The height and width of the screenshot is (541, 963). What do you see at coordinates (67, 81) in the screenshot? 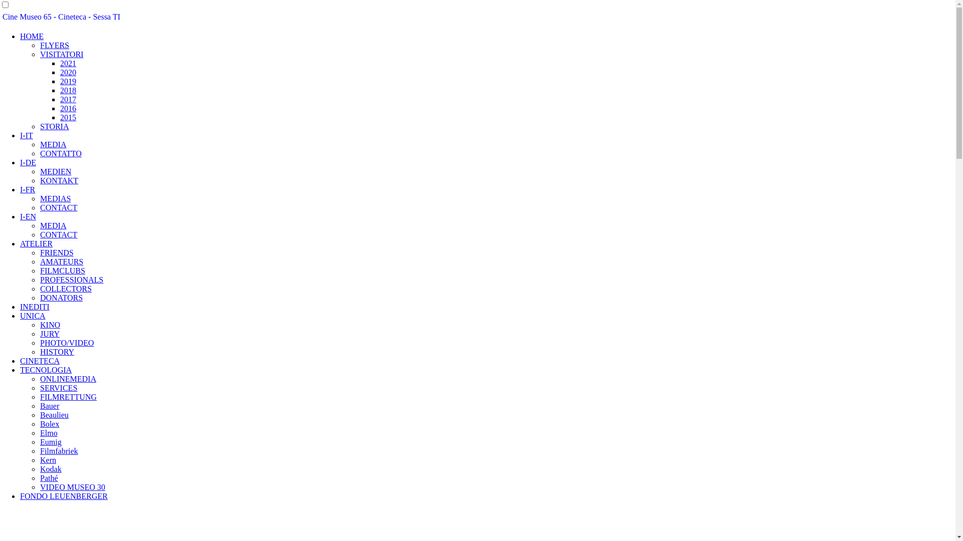
I see `'2019'` at bounding box center [67, 81].